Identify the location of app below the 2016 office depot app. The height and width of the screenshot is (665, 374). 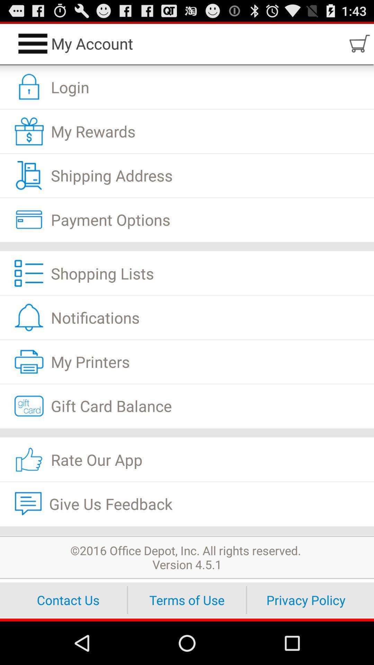
(187, 600).